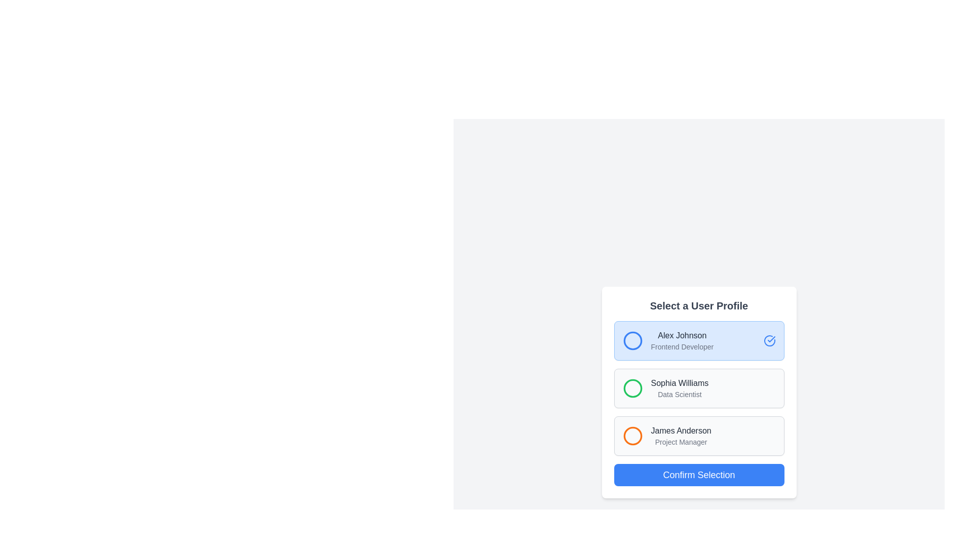  What do you see at coordinates (632, 388) in the screenshot?
I see `the Circular Selection Indicator with a green outline` at bounding box center [632, 388].